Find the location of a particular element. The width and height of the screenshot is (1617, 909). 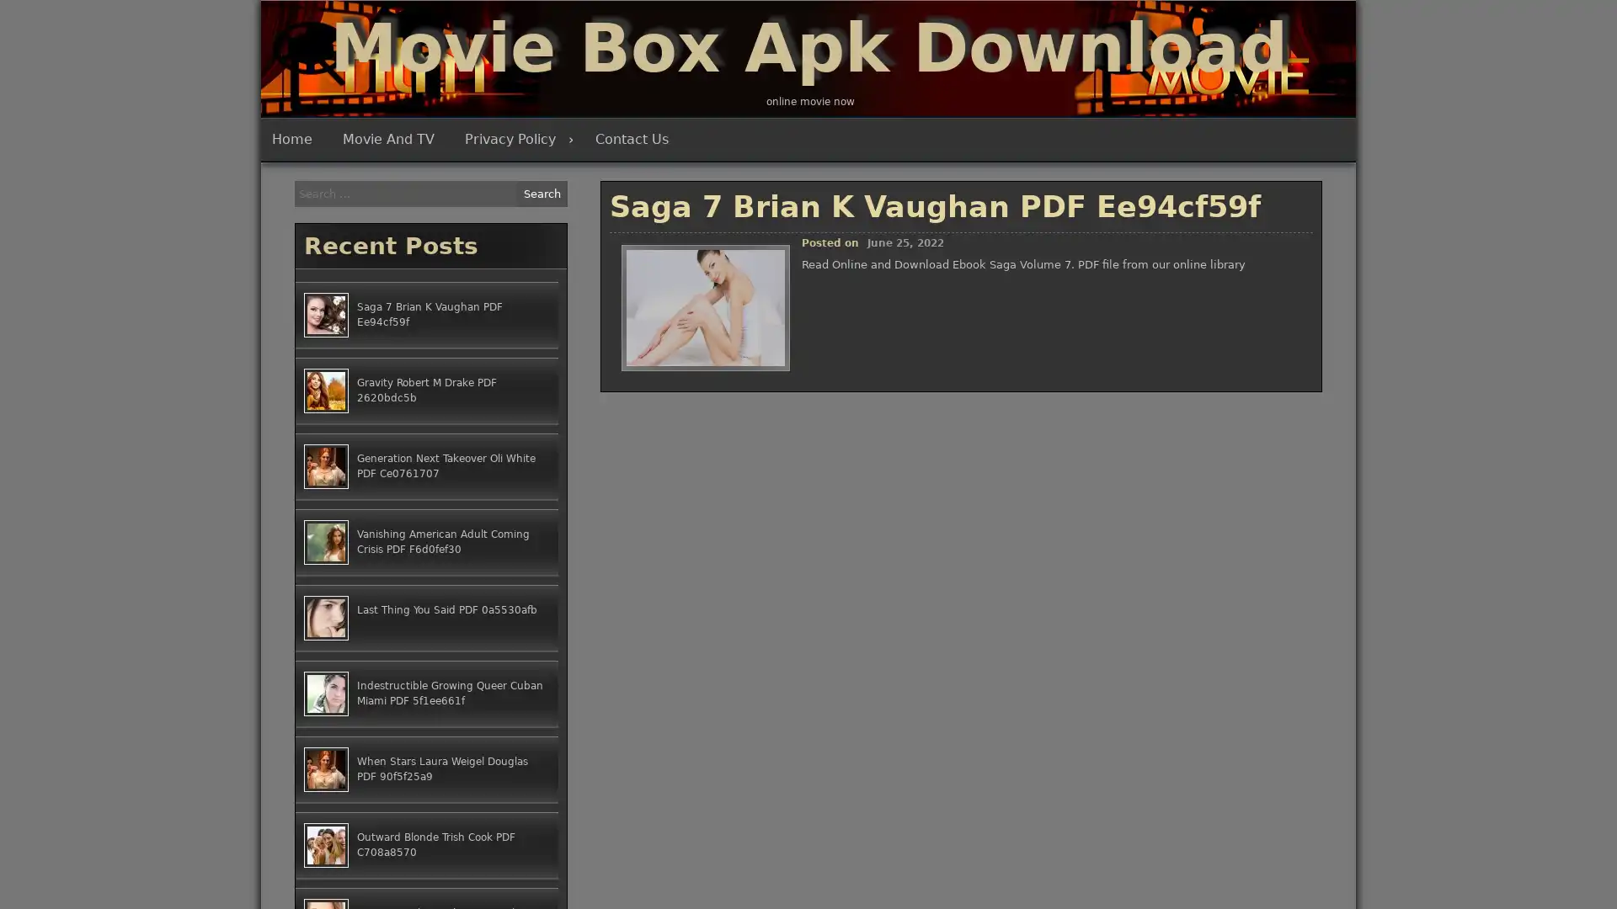

Search is located at coordinates (542, 193).